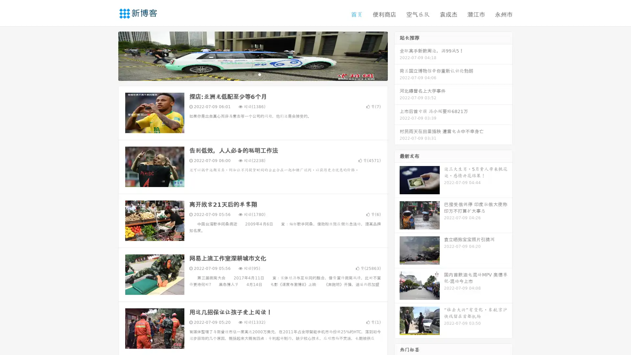 The image size is (631, 355). What do you see at coordinates (397, 55) in the screenshot?
I see `Next slide` at bounding box center [397, 55].